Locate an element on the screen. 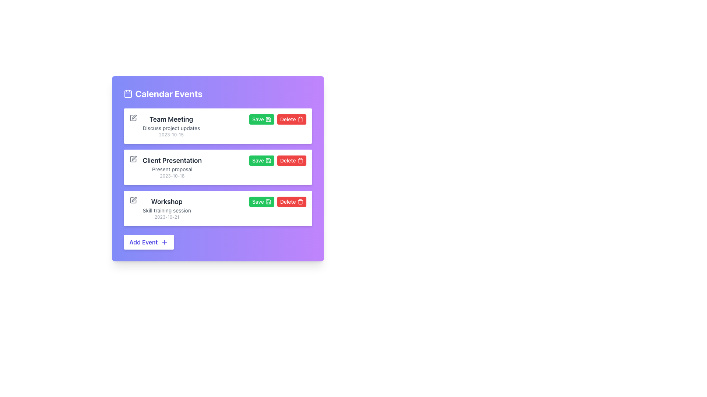  the 'Save' button, which is a rectangular button with a green background and white text, labeled 'Save' and featuring a floppy disk icon on the right side is located at coordinates (261, 160).